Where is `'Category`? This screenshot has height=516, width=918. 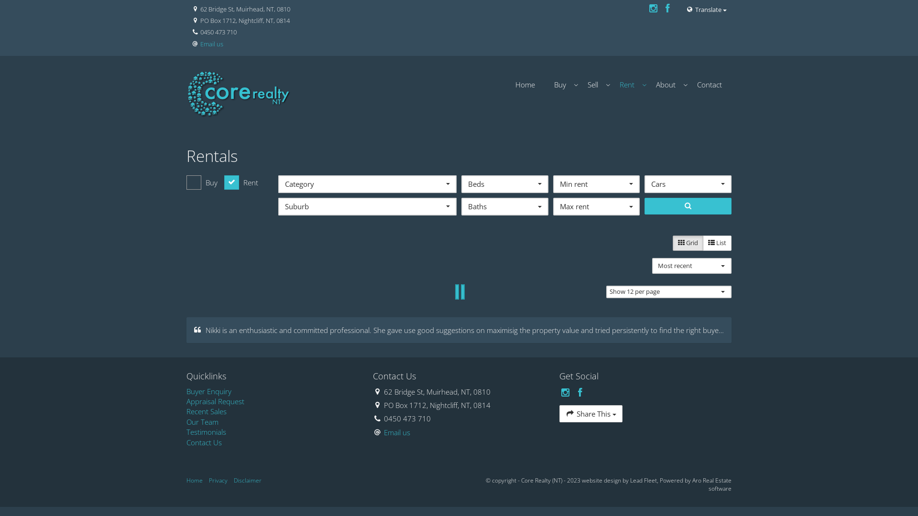
'Category is located at coordinates (367, 184).